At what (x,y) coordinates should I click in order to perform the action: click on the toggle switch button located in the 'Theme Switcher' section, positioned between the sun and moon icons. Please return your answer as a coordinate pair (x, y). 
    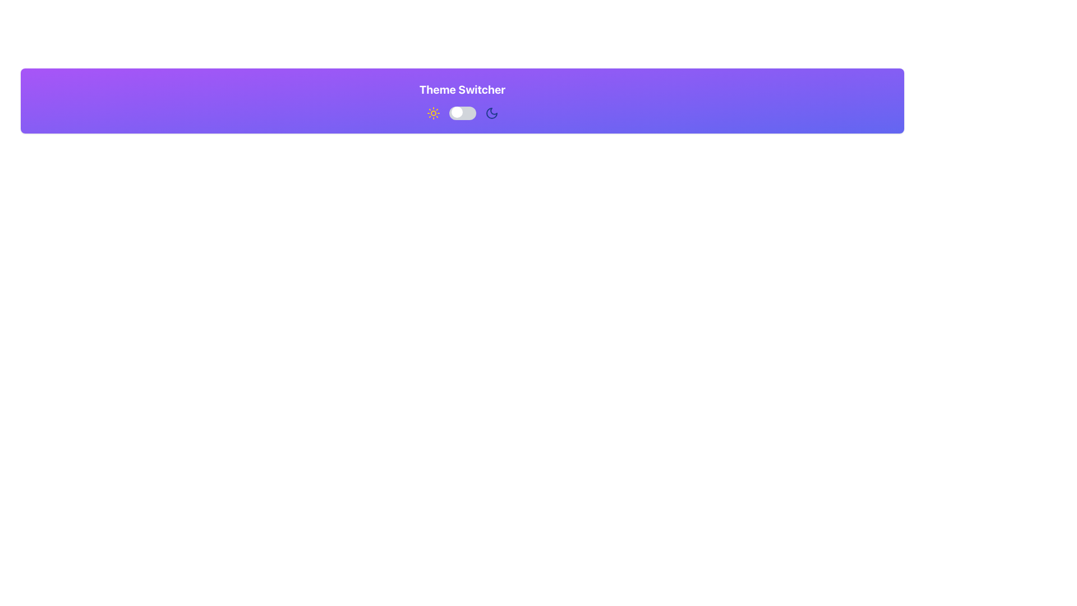
    Looking at the image, I should click on (462, 113).